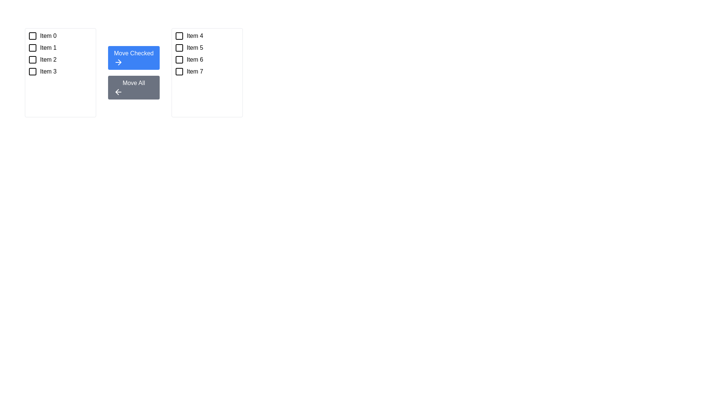  What do you see at coordinates (207, 71) in the screenshot?
I see `the checkbox labeled 'Item 7'` at bounding box center [207, 71].